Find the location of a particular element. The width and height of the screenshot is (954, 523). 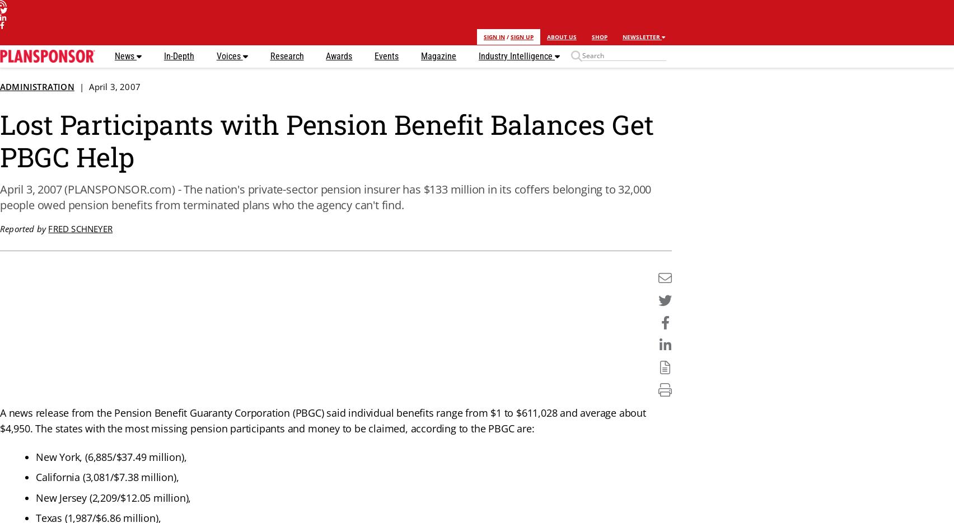

'Fred Schneyer' is located at coordinates (80, 228).